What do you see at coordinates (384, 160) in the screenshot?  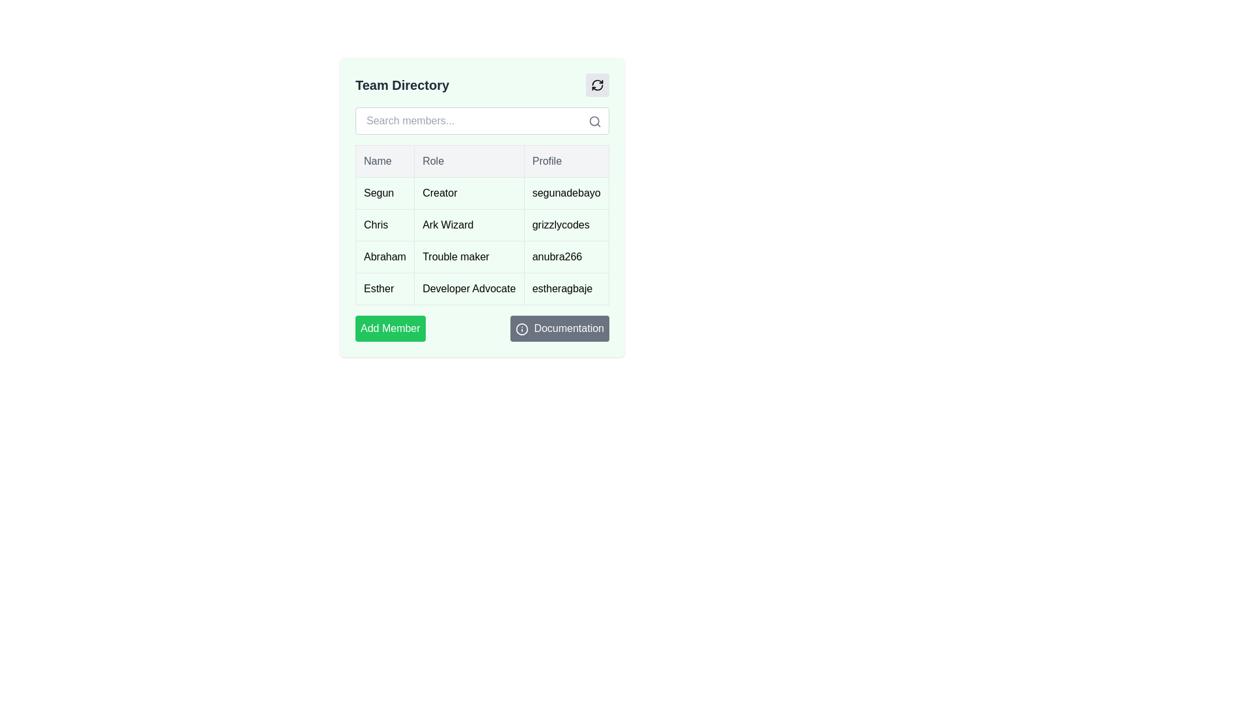 I see `text of the first table header, which indicates the names of the corresponding data below` at bounding box center [384, 160].